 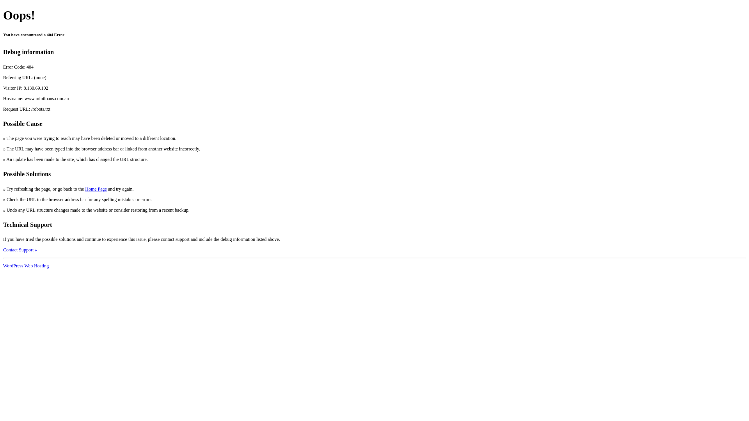 What do you see at coordinates (26, 265) in the screenshot?
I see `'WordPress Web Hosting'` at bounding box center [26, 265].